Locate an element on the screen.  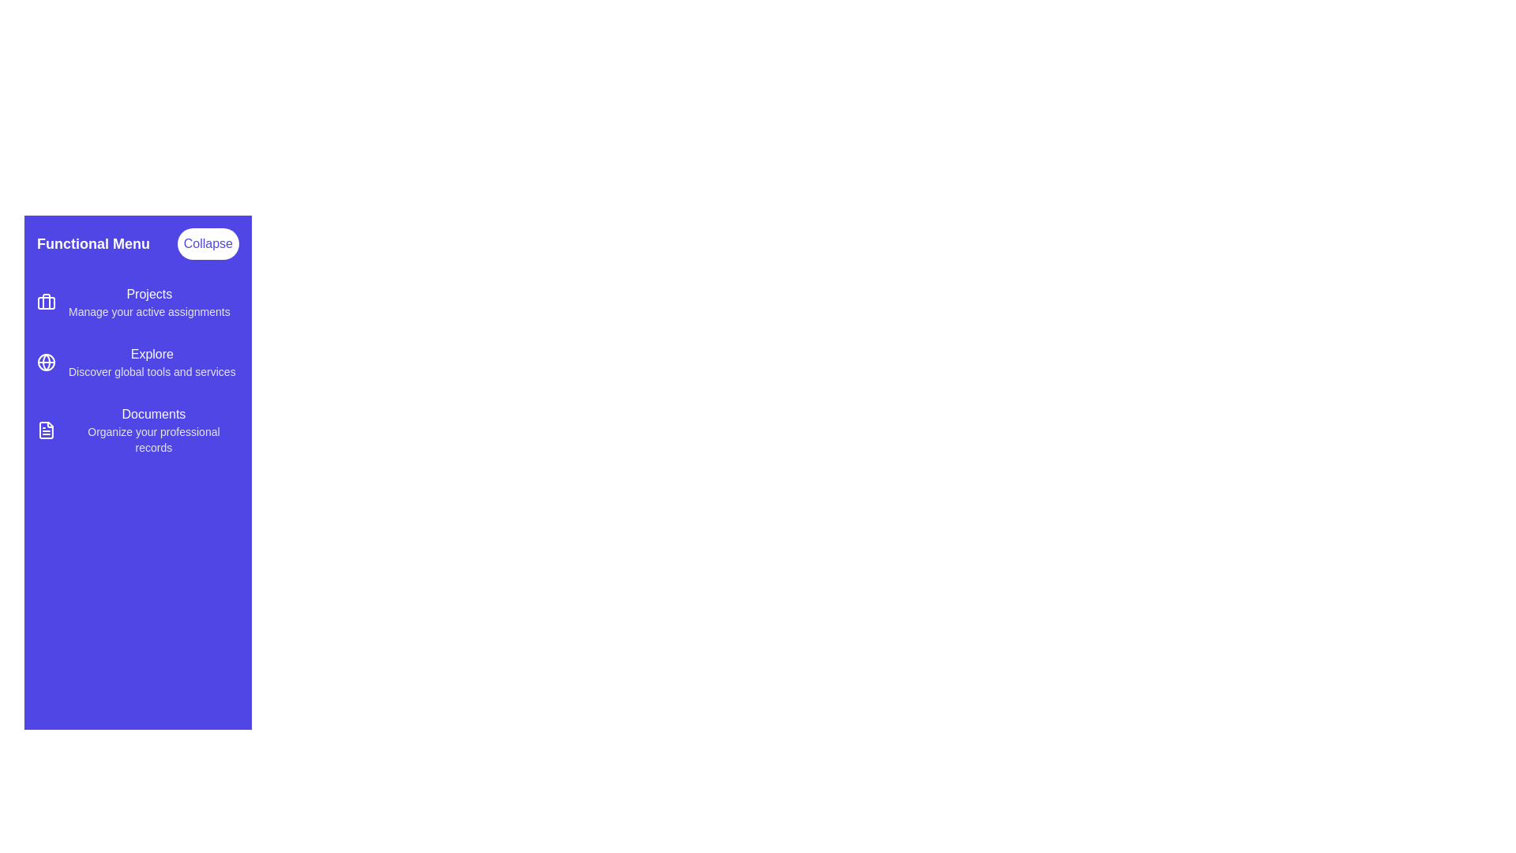
the menu item Explore to activate its section is located at coordinates (137, 363).